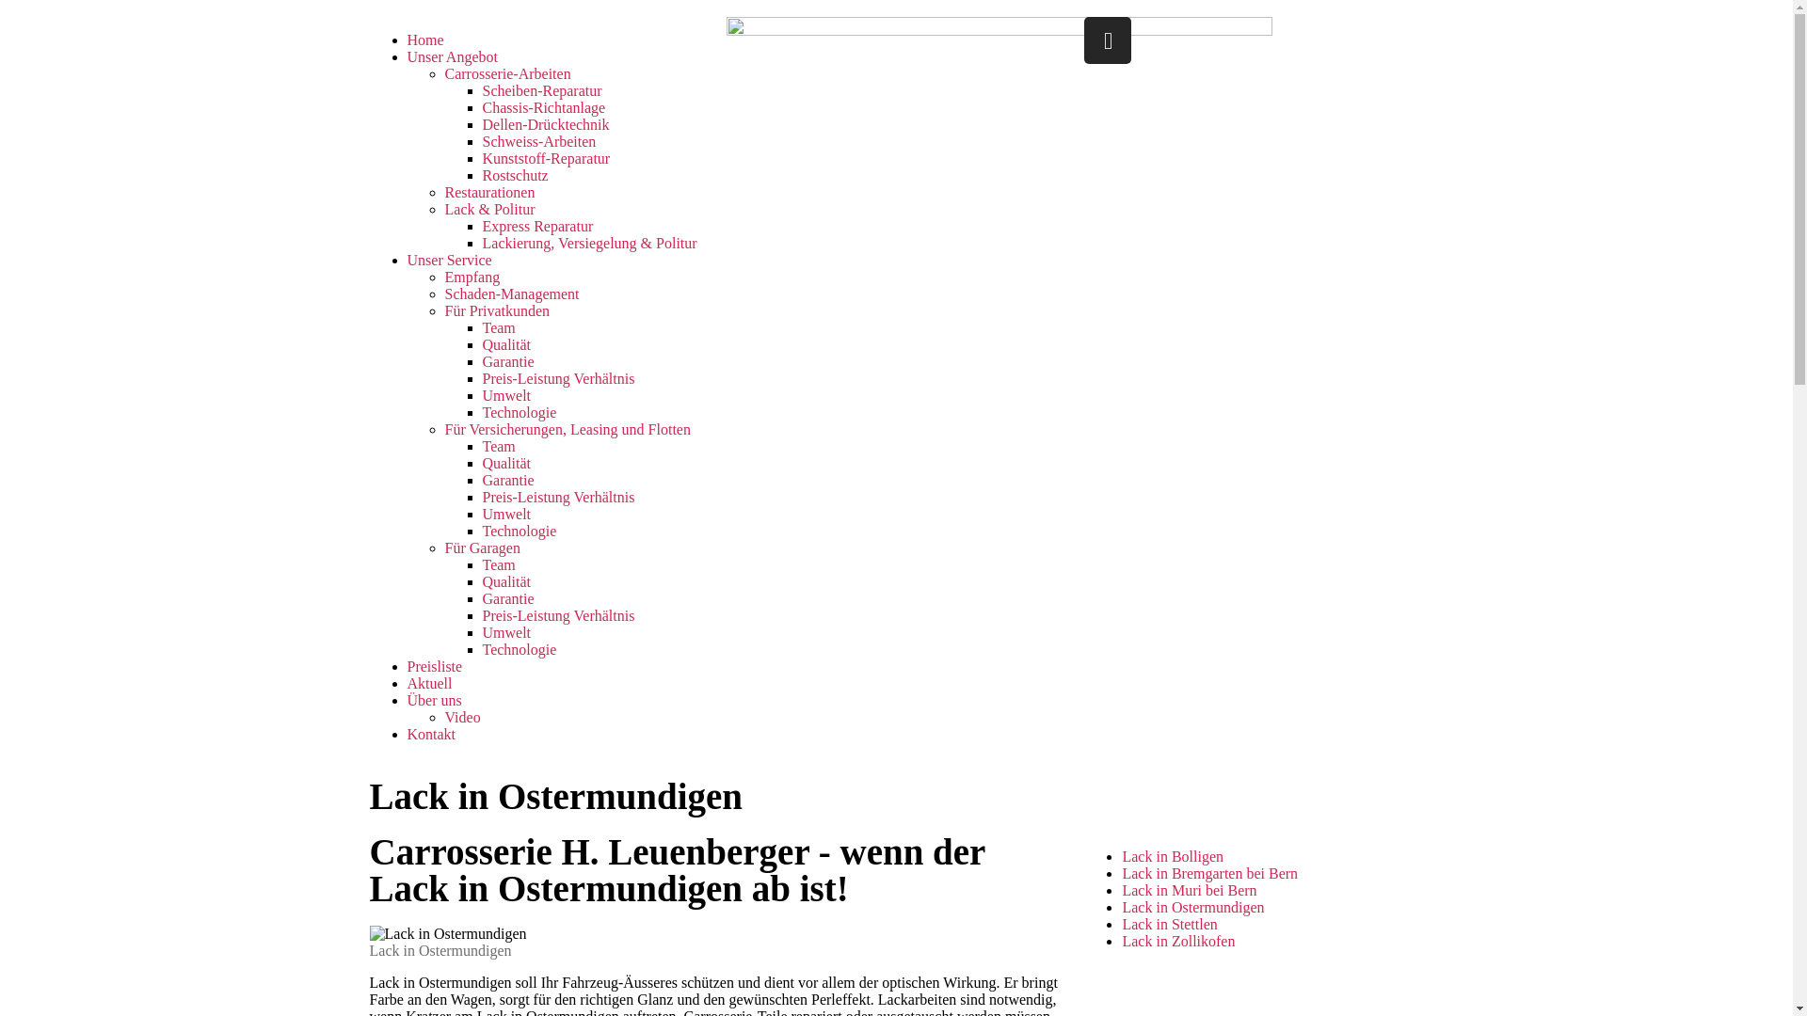 Image resolution: width=1807 pixels, height=1016 pixels. Describe the element at coordinates (1209, 873) in the screenshot. I see `'Lack in Bremgarten bei Bern'` at that location.